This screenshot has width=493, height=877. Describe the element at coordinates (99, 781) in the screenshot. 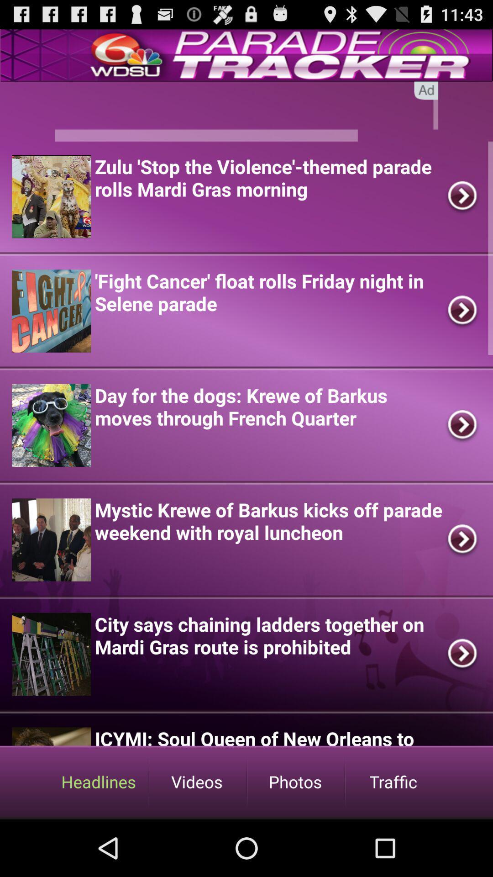

I see `headlines` at that location.